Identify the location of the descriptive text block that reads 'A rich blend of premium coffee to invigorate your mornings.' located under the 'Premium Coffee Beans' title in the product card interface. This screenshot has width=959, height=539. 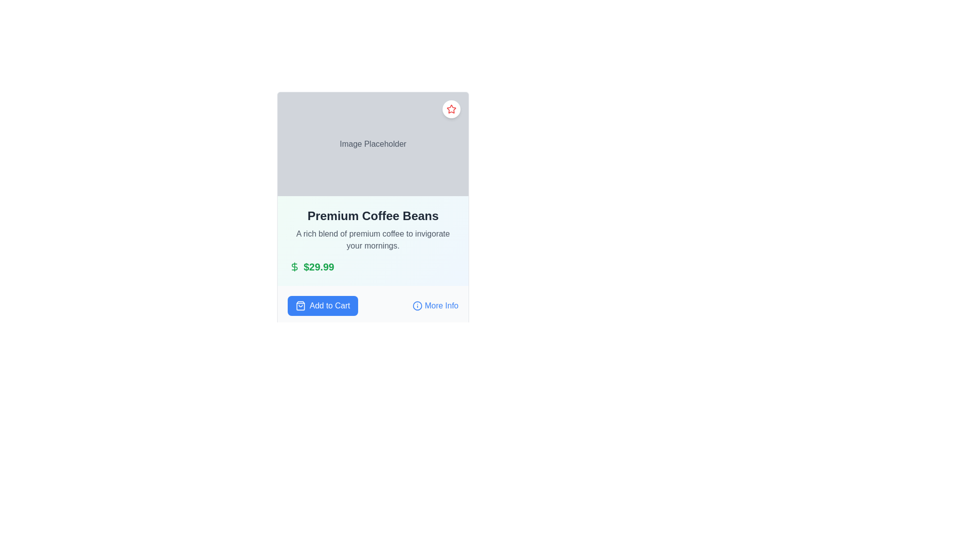
(373, 240).